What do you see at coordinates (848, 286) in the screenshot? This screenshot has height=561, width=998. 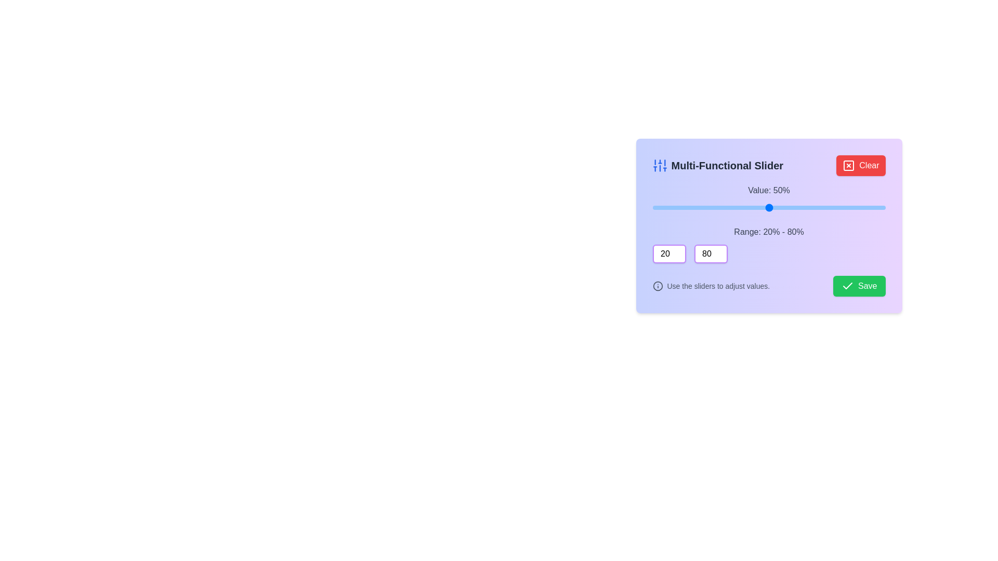 I see `the checkmark icon located inside the green 'Save' button at the bottom-right corner of the interface for visual feedback` at bounding box center [848, 286].